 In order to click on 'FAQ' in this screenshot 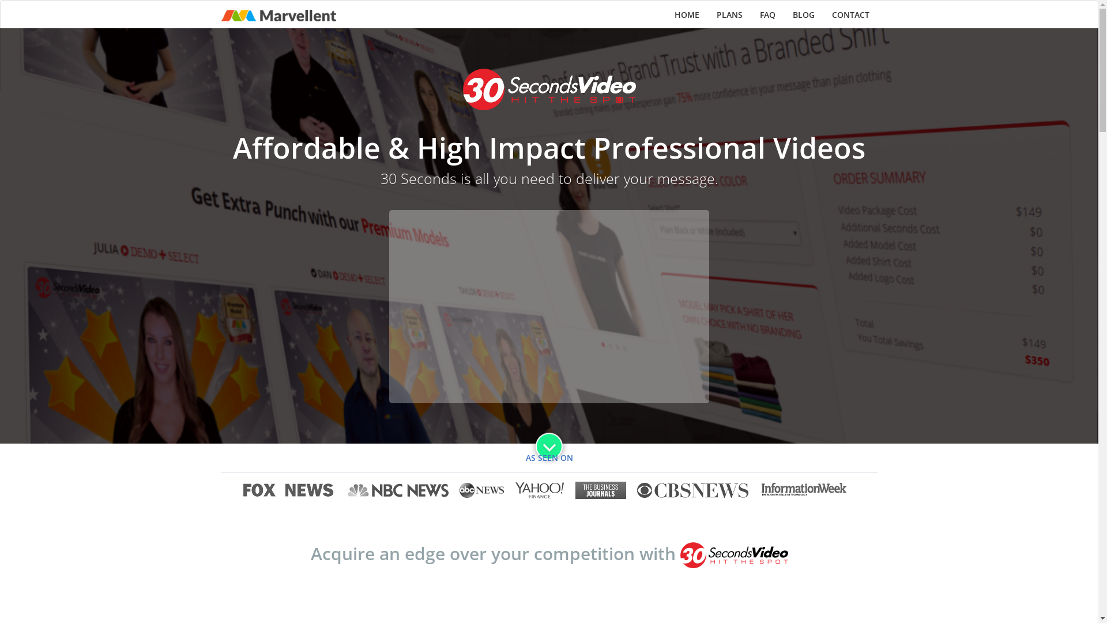, I will do `click(767, 15)`.